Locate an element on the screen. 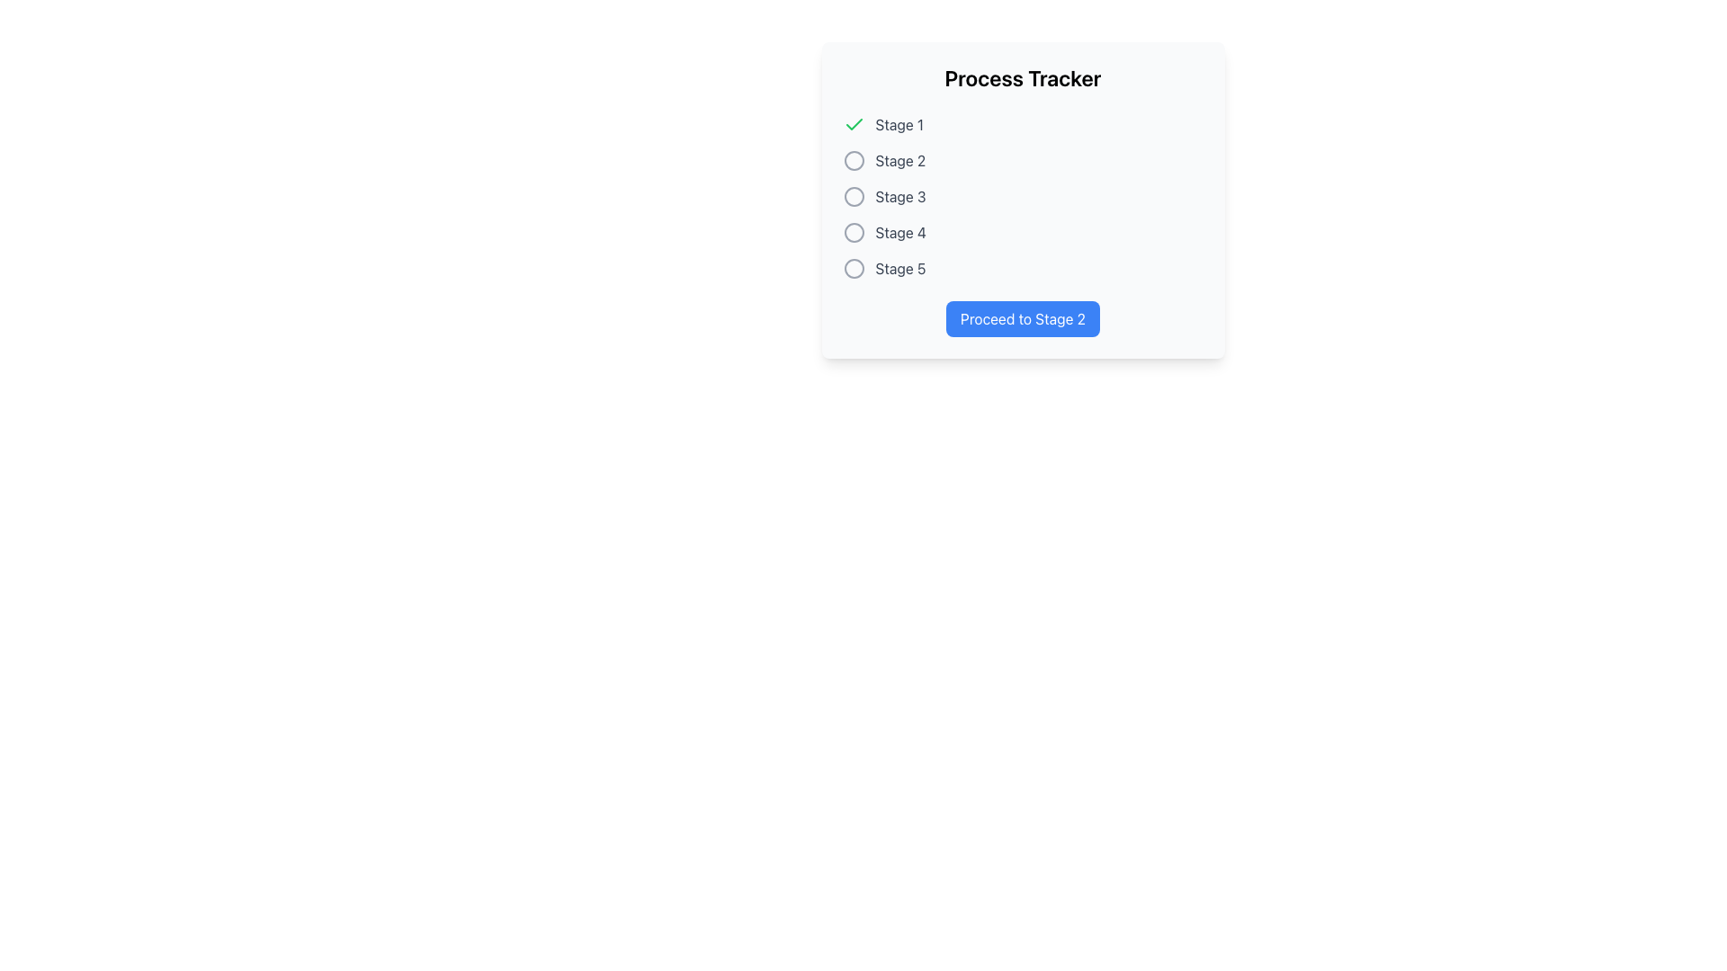  the second stage in the process tracker, which is visually styled to indicate that it is pending or yet to be completed is located at coordinates (1023, 159).